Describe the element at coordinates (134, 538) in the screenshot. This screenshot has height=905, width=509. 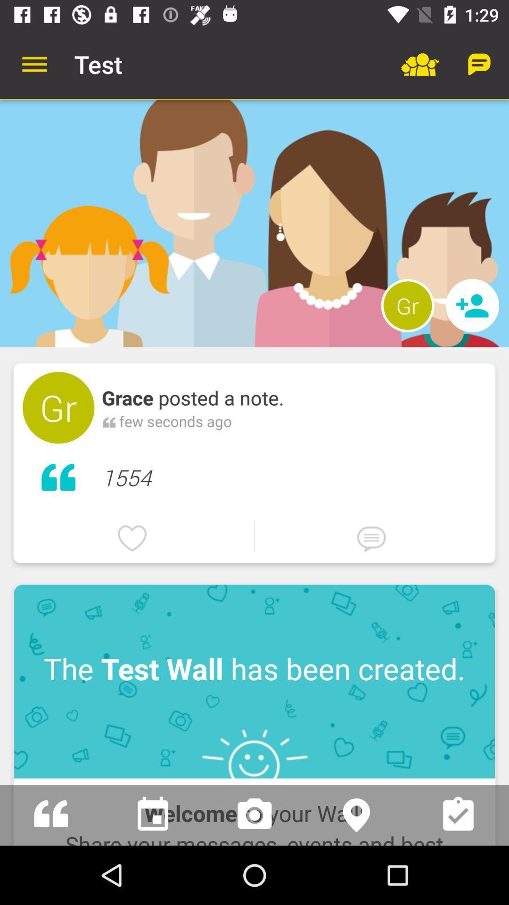
I see `the icon below 1554` at that location.